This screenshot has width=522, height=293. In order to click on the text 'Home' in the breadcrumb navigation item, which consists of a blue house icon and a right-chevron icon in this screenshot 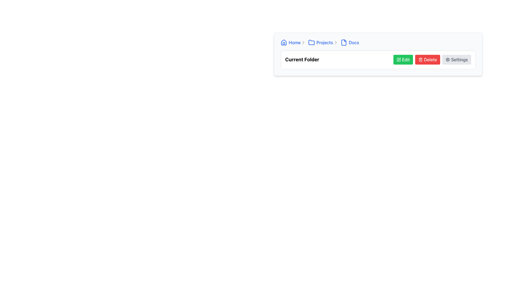, I will do `click(293, 42)`.